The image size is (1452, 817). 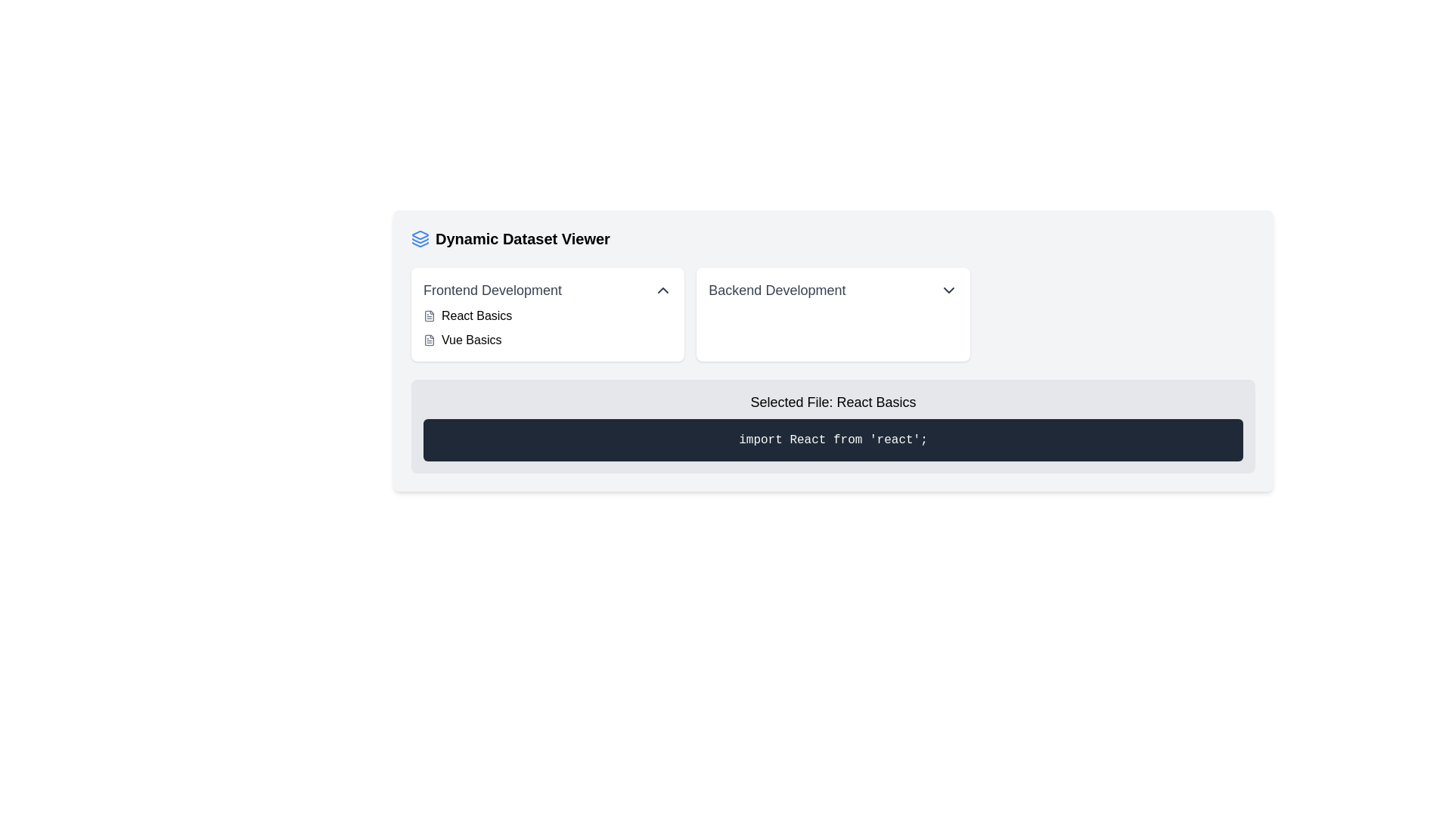 What do you see at coordinates (476, 315) in the screenshot?
I see `the text label displaying 'React Basics', which is styled in sans-serif typography and is located to the right of a text document icon under the 'Frontend Development' section` at bounding box center [476, 315].